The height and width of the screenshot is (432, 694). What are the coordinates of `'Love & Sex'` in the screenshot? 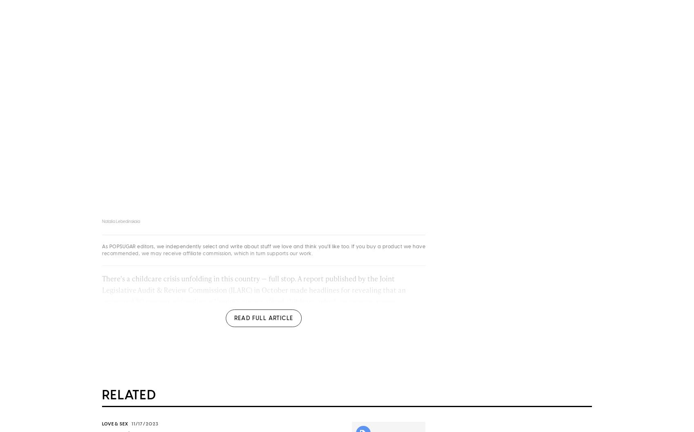 It's located at (115, 425).